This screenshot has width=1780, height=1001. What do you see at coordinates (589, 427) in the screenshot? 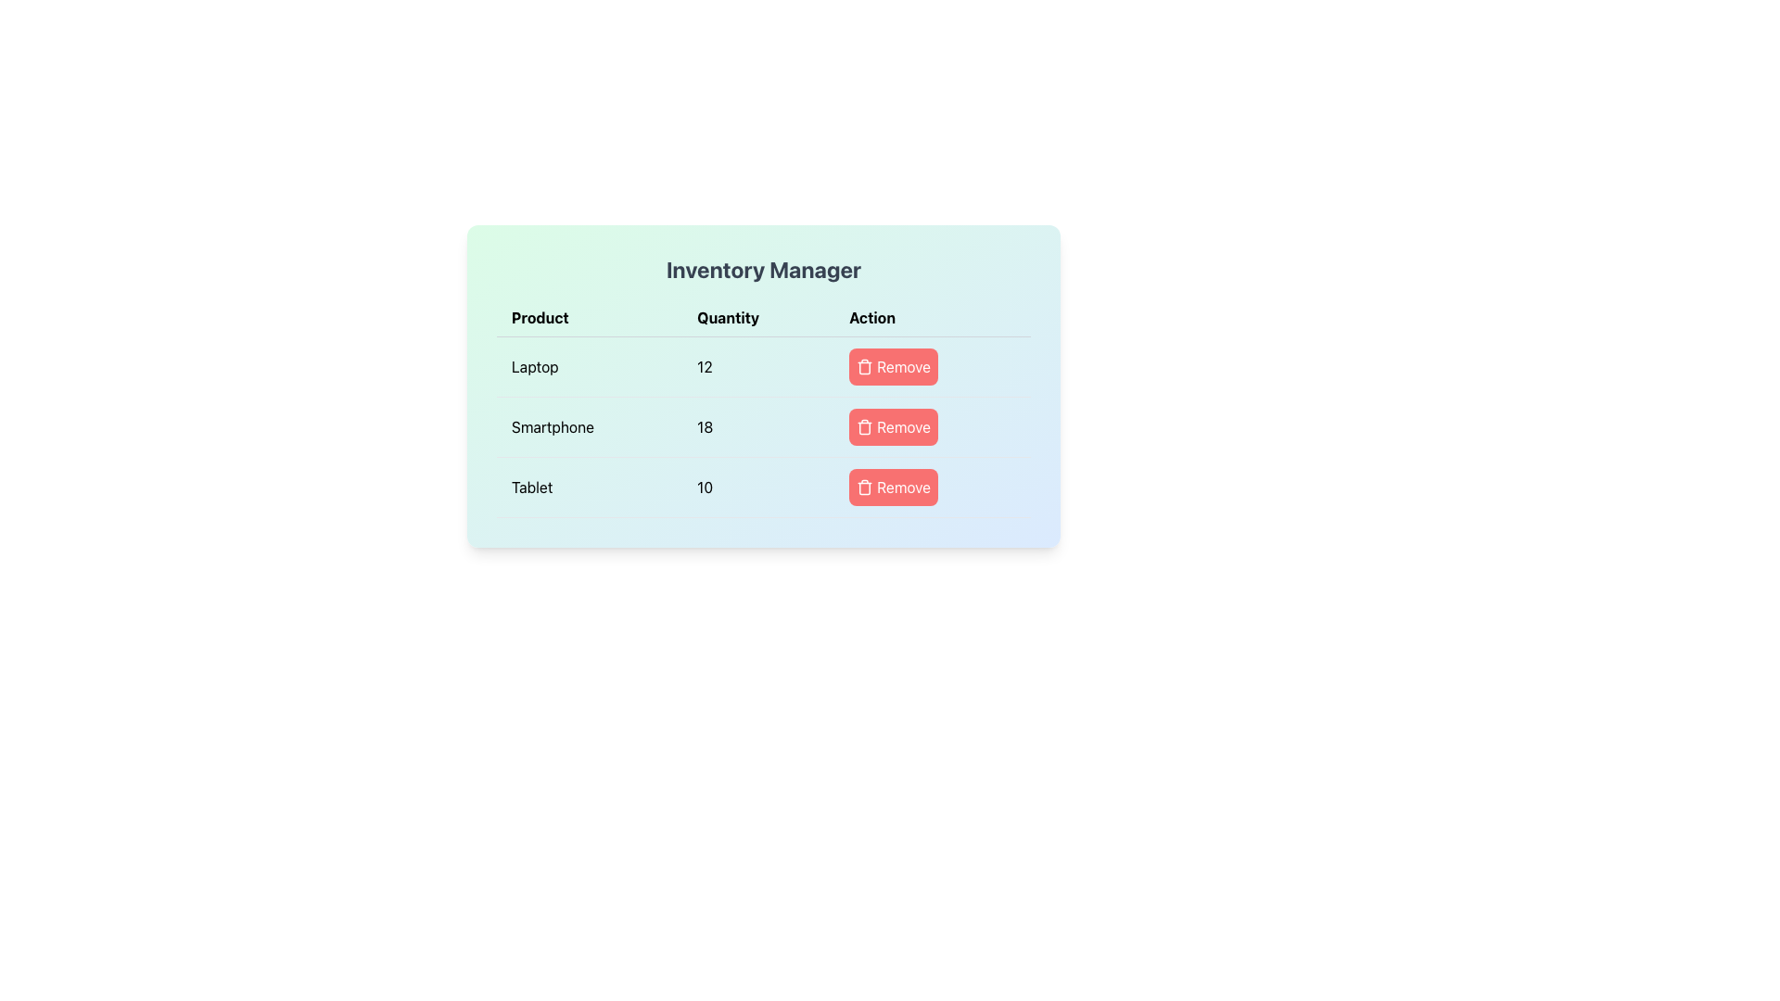
I see `the text label displaying 'Smartphone' located in the first column under the 'Product' heading in the grid layout` at bounding box center [589, 427].